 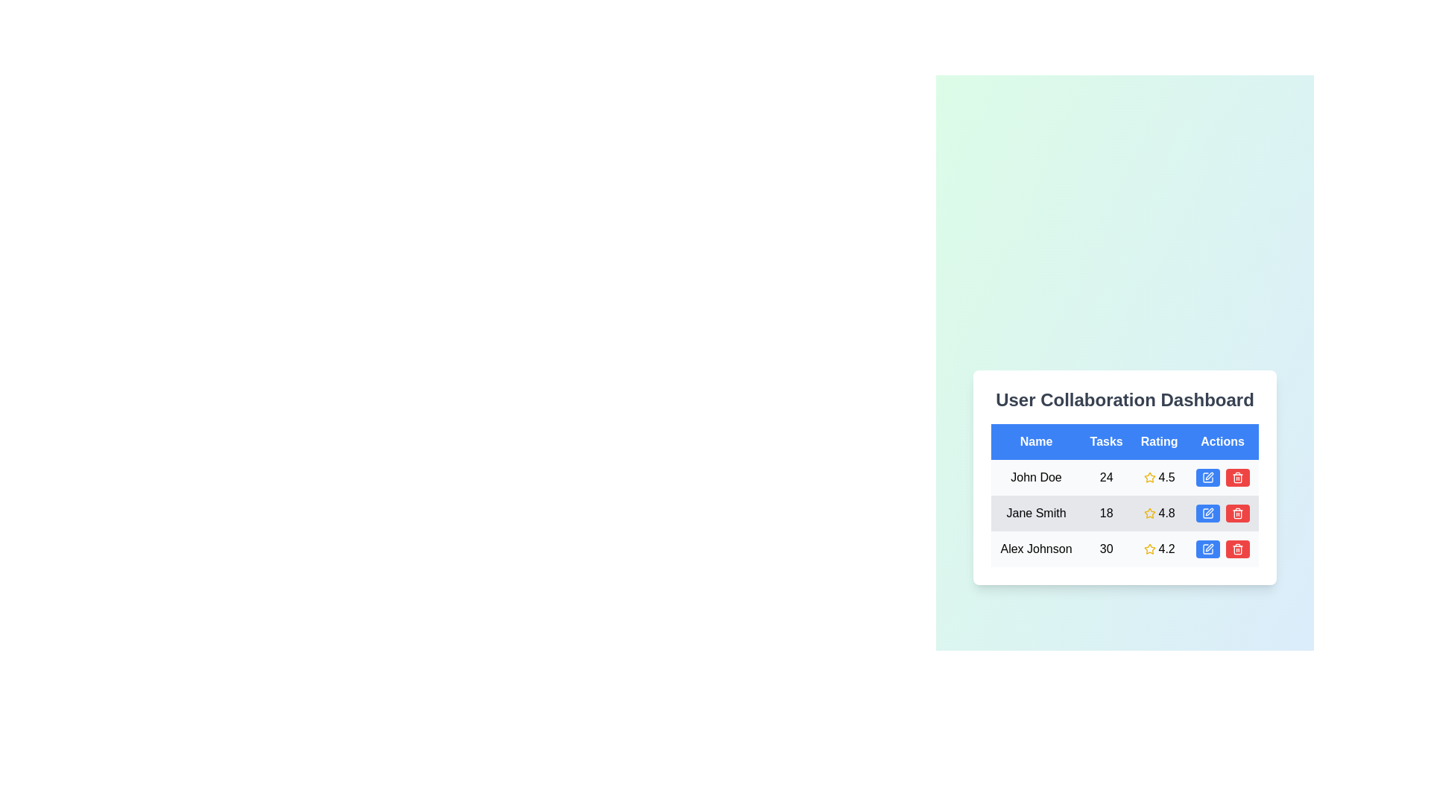 What do you see at coordinates (1149, 549) in the screenshot?
I see `the yellow five-pointed star icon used for rating, located in the 'Rating' column next to 'Alex Johnson', immediately to the left of the numerical rating '4.2'` at bounding box center [1149, 549].